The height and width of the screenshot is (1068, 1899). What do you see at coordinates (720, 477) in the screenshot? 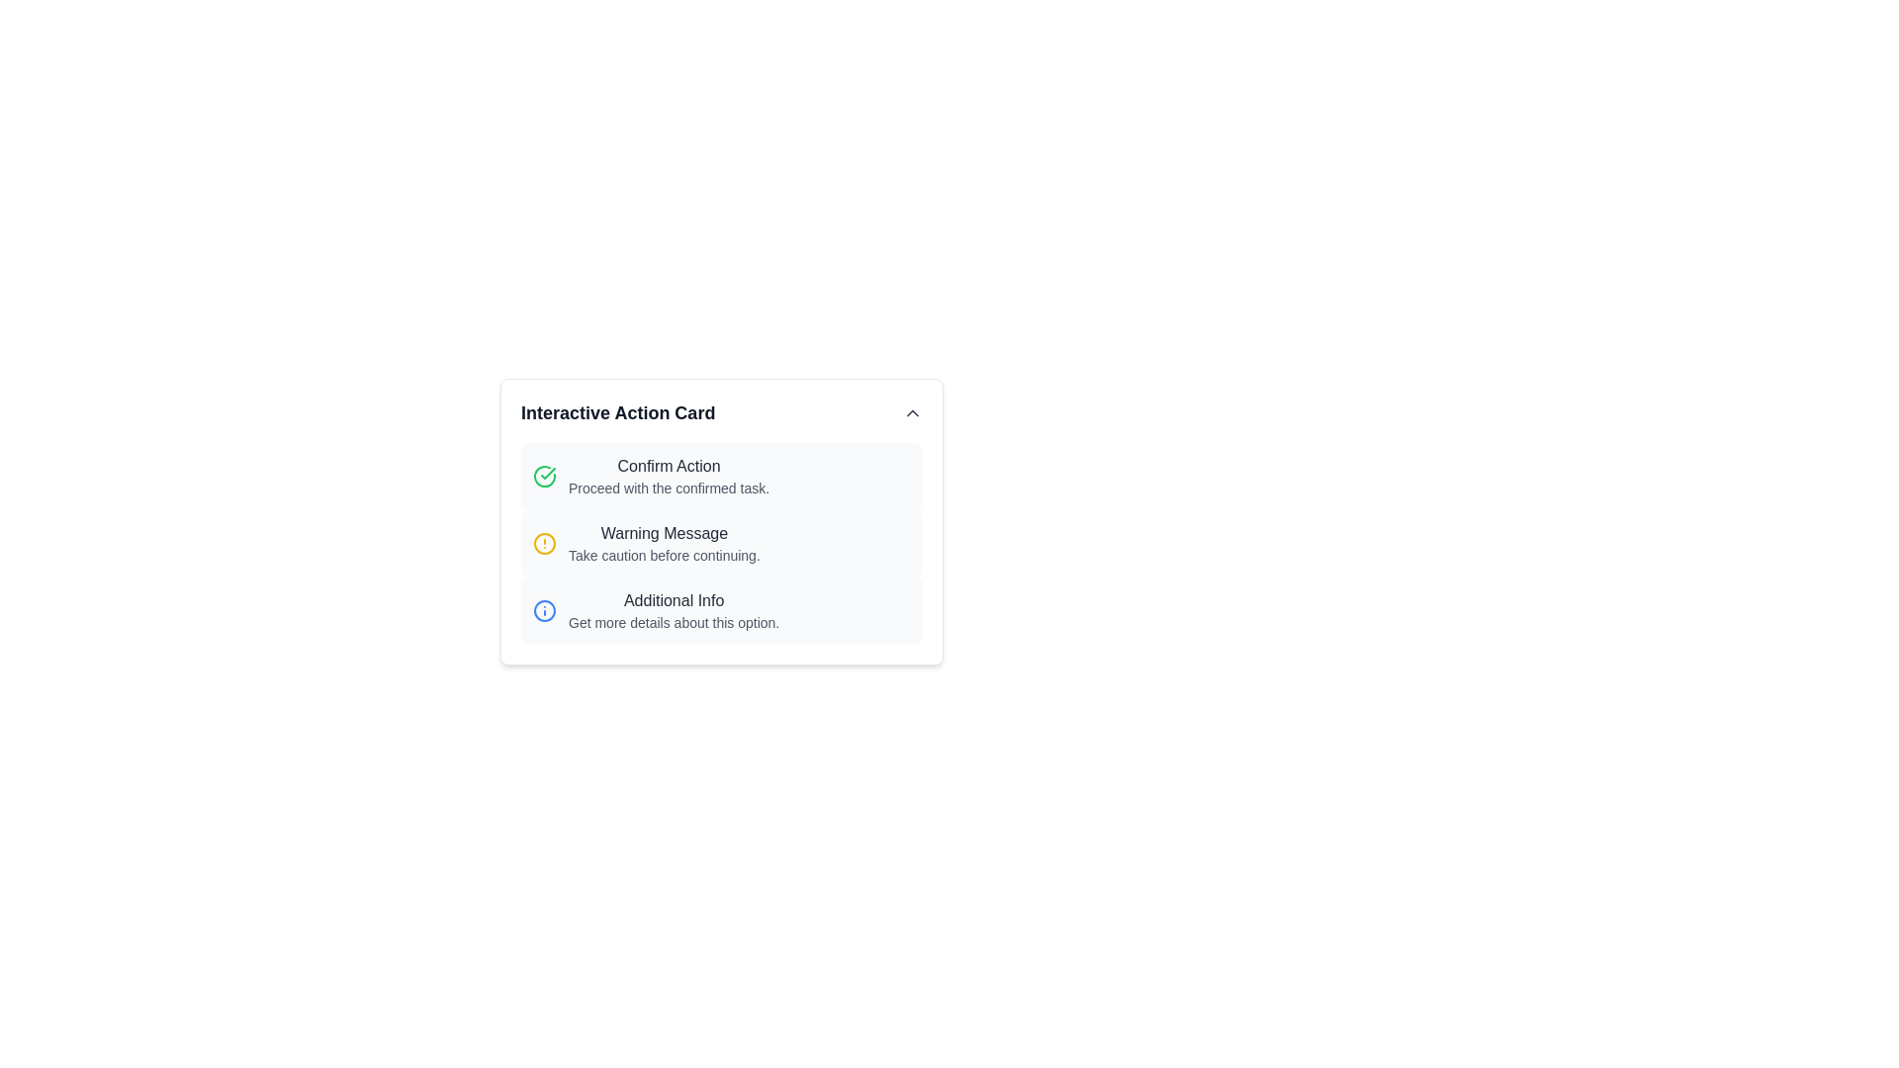
I see `the topmost clickable card or list item in the vertically stacked list` at bounding box center [720, 477].